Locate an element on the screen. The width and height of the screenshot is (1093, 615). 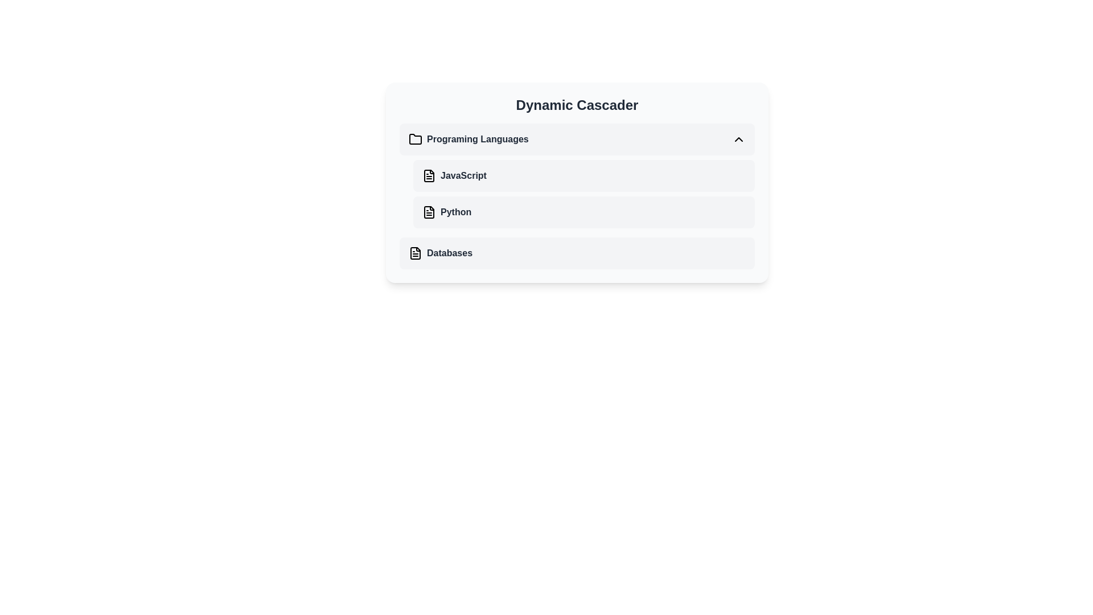
the second list item labeled 'Python' in the 'Dynamic Cascader' is located at coordinates (446, 212).